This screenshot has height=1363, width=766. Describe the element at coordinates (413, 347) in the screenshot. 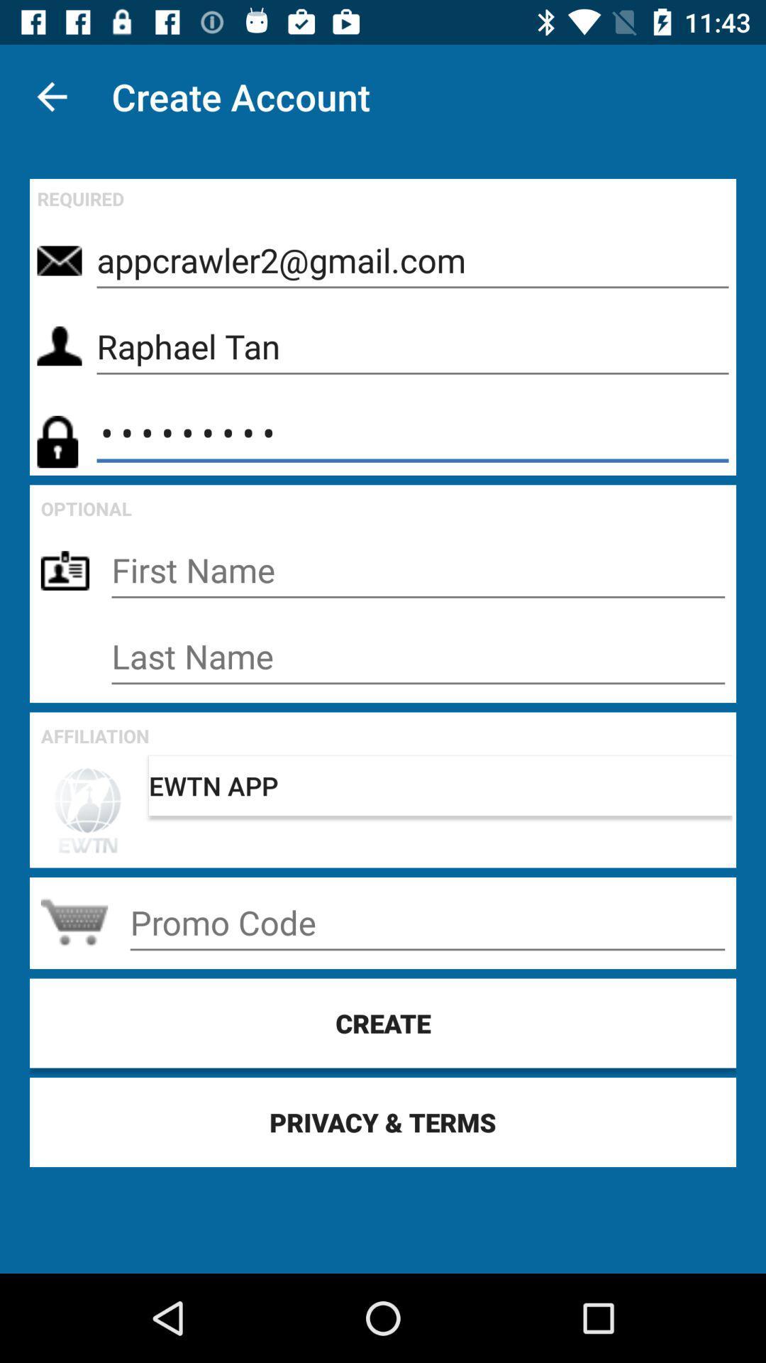

I see `the icon above crowd3116 icon` at that location.